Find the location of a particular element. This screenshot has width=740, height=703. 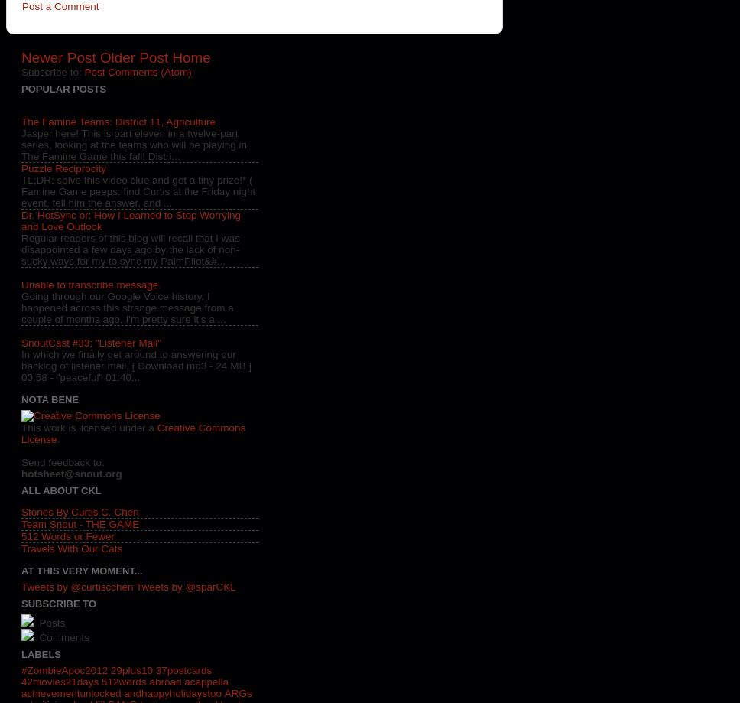

'At This Very Moment...' is located at coordinates (81, 570).